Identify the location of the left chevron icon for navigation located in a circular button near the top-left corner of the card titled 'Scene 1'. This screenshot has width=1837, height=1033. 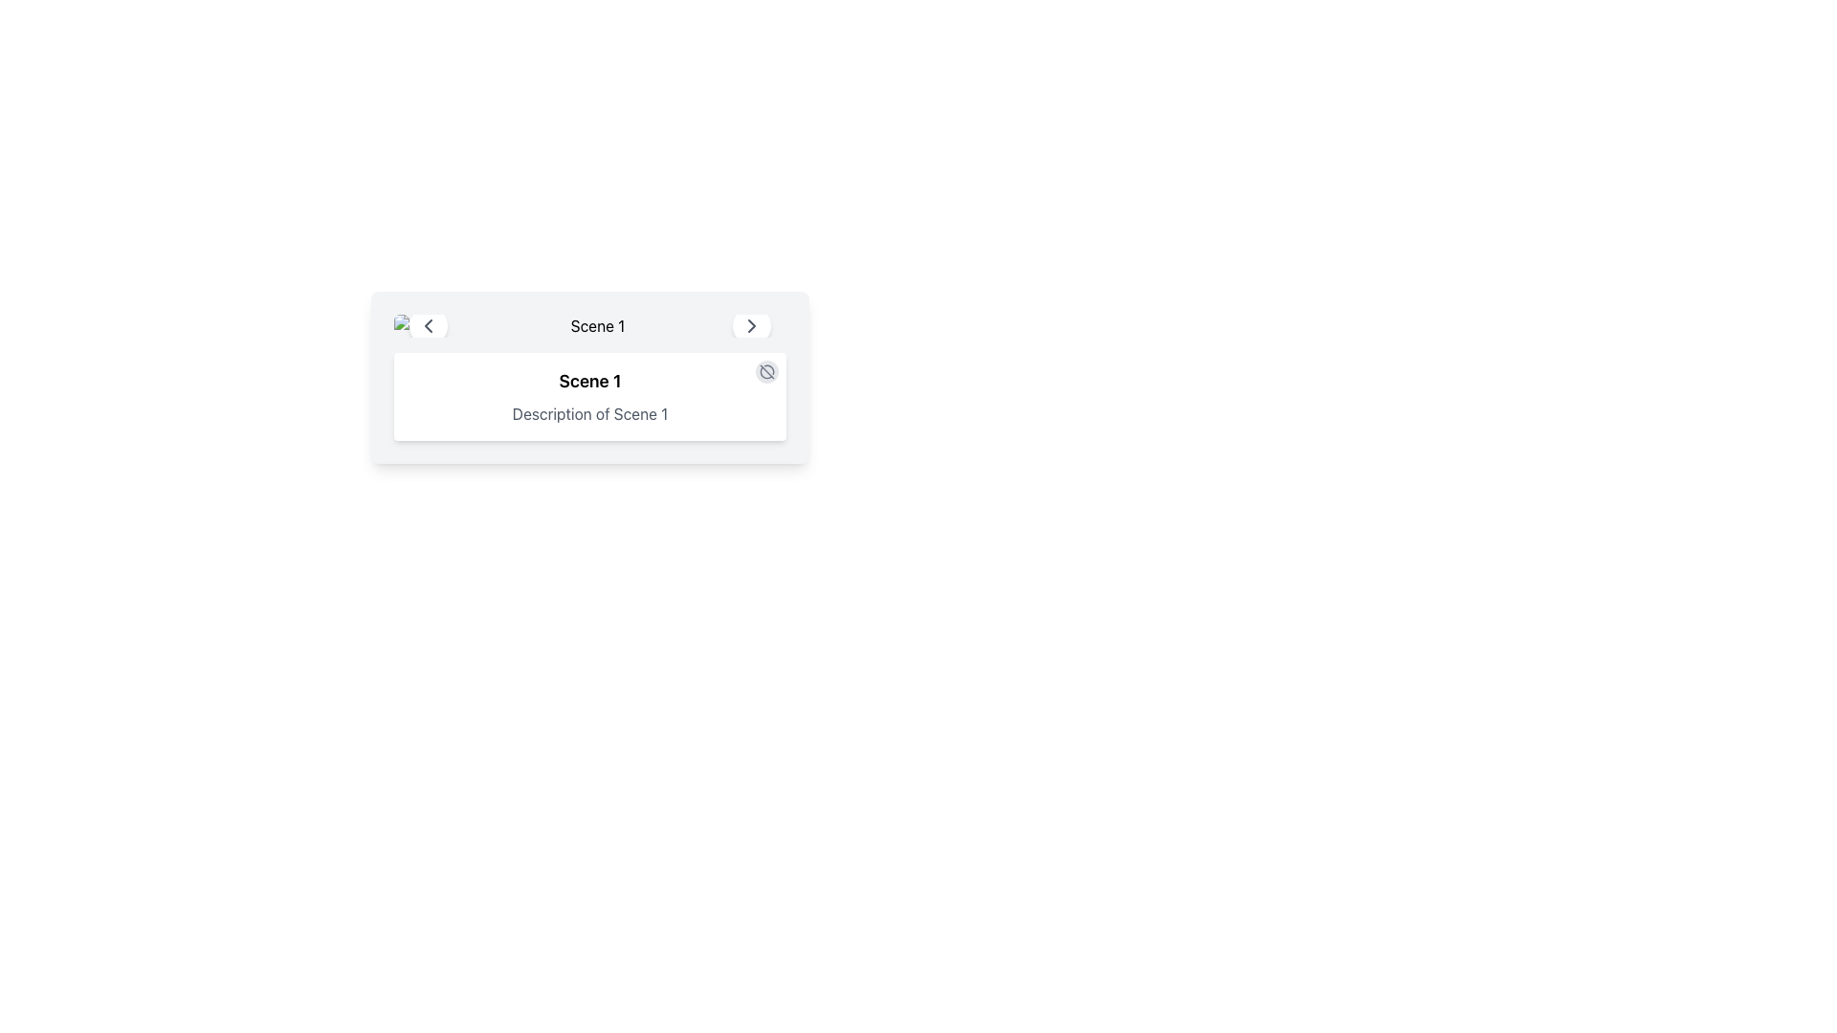
(427, 324).